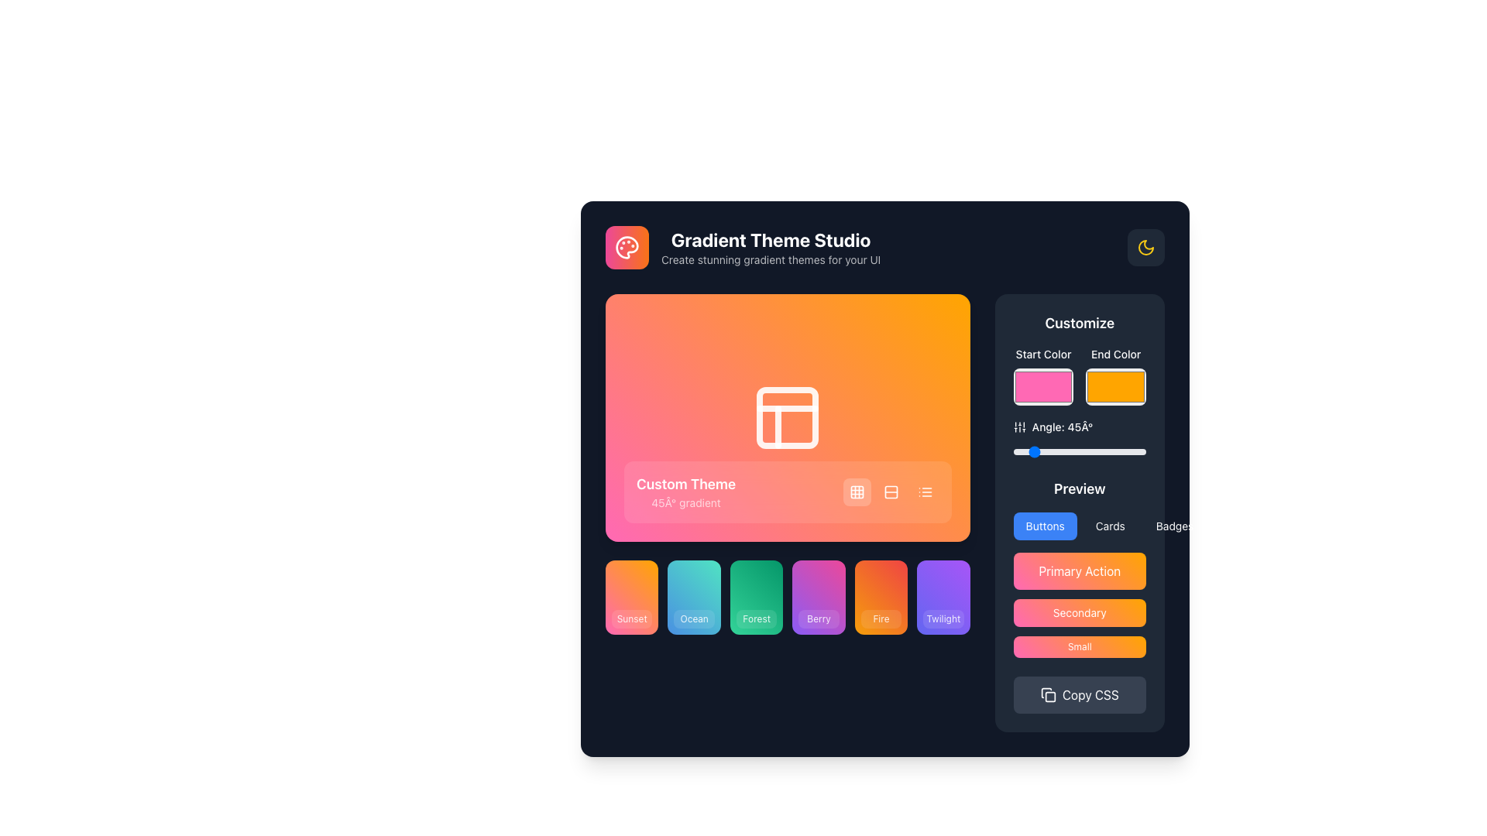 This screenshot has width=1487, height=836. Describe the element at coordinates (1053, 451) in the screenshot. I see `angle` at that location.